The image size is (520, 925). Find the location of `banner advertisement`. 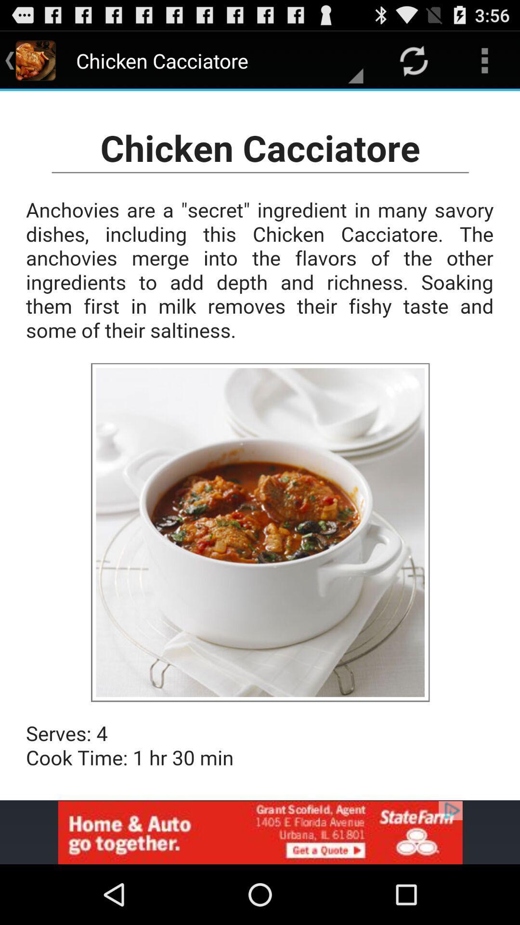

banner advertisement is located at coordinates (260, 832).